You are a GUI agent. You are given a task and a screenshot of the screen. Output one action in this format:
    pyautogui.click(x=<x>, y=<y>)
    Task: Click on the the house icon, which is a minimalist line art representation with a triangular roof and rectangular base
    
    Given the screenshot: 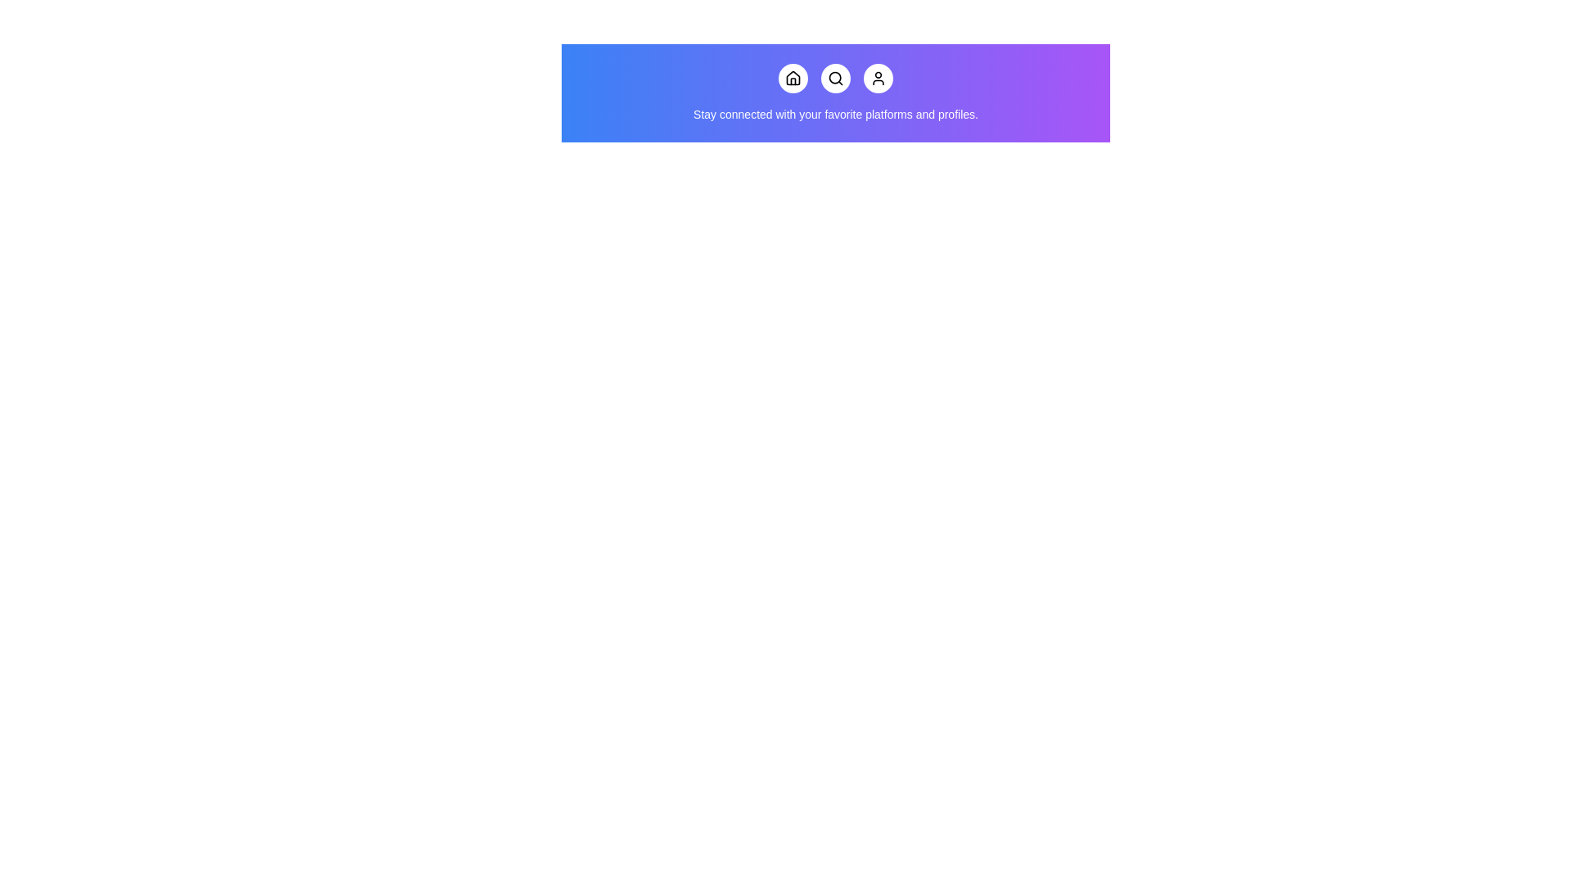 What is the action you would take?
    pyautogui.click(x=793, y=79)
    